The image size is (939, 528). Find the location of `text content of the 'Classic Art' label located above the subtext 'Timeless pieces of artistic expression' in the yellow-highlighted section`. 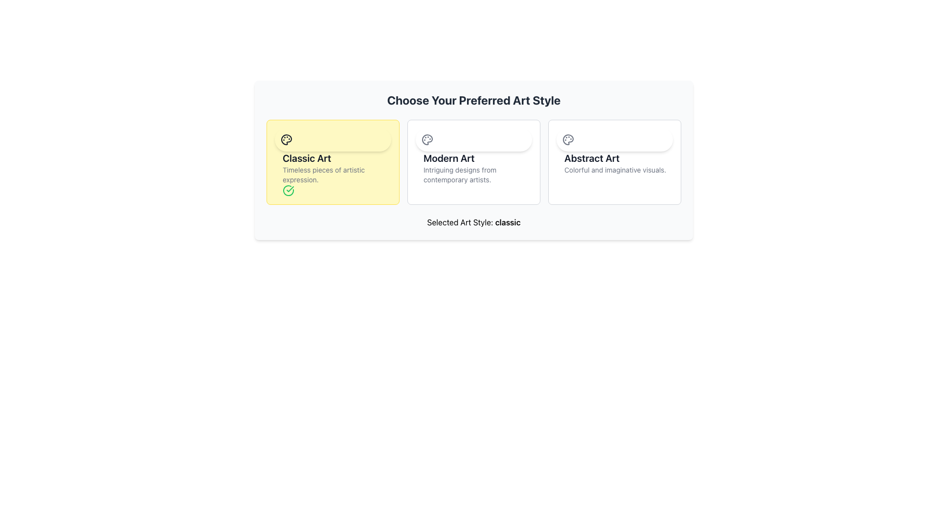

text content of the 'Classic Art' label located above the subtext 'Timeless pieces of artistic expression' in the yellow-highlighted section is located at coordinates (337, 158).